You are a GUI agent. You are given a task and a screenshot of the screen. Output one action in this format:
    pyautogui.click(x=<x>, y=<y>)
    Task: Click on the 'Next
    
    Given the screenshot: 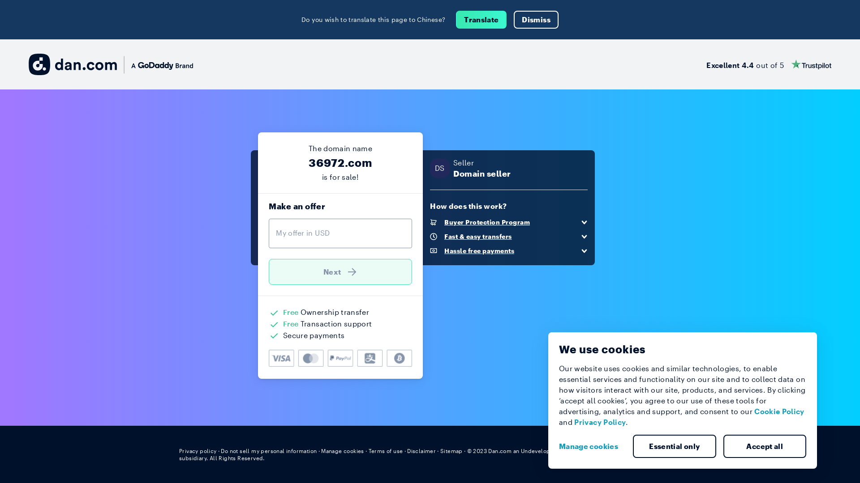 What is the action you would take?
    pyautogui.click(x=340, y=271)
    